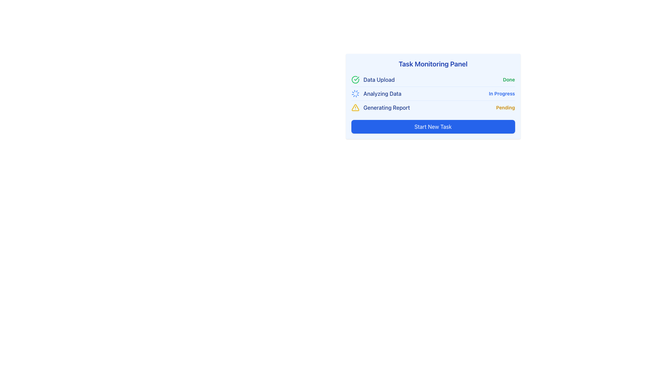 The width and height of the screenshot is (655, 368). What do you see at coordinates (433, 93) in the screenshot?
I see `the spinning loader in the Status row labeled 'Analyzing Data' indicating the task is 'In Progress'` at bounding box center [433, 93].